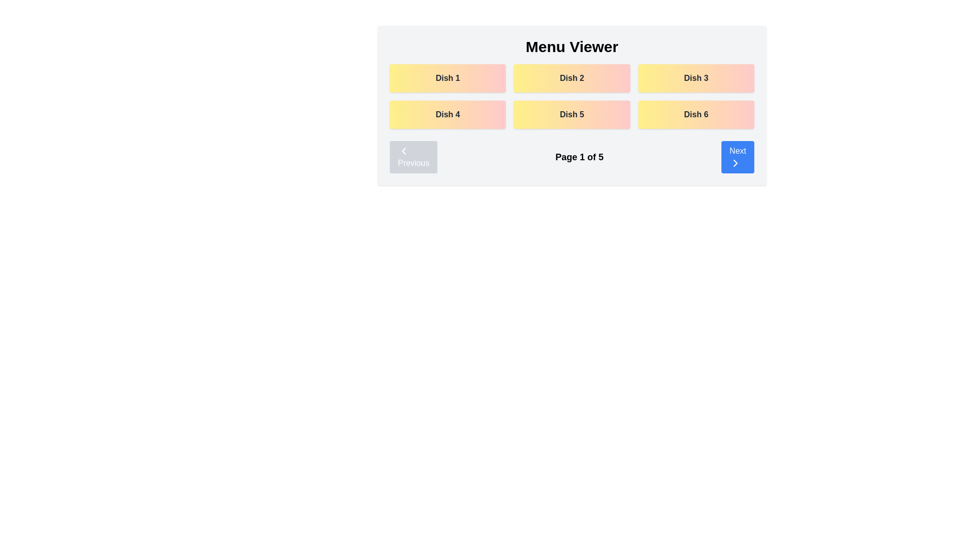 Image resolution: width=972 pixels, height=546 pixels. I want to click on the 'Next' button, which features a small chevron arrow icon pointing to the right, located at the bottom right corner of the interface, so click(736, 163).